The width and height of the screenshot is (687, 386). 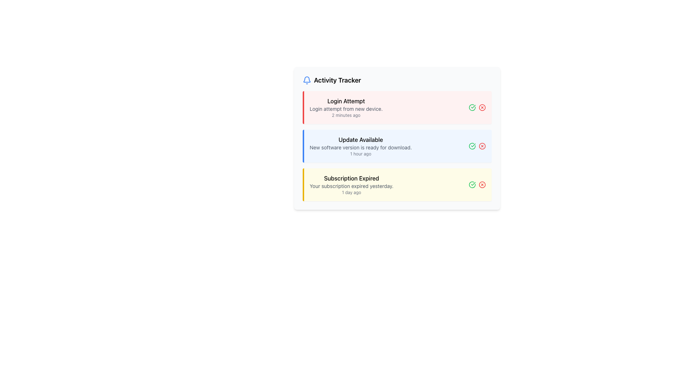 I want to click on text label displaying '1 day ago' located at the bottom of the 'Subscription Expired' section within the activity tracker card, so click(x=351, y=192).